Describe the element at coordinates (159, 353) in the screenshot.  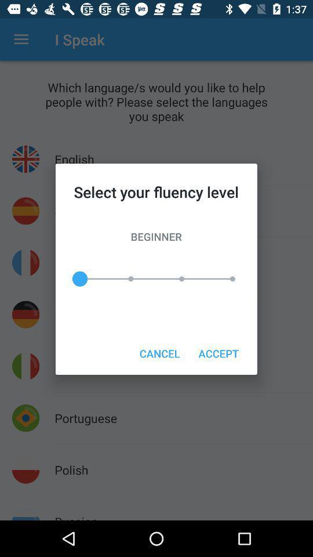
I see `cancel` at that location.